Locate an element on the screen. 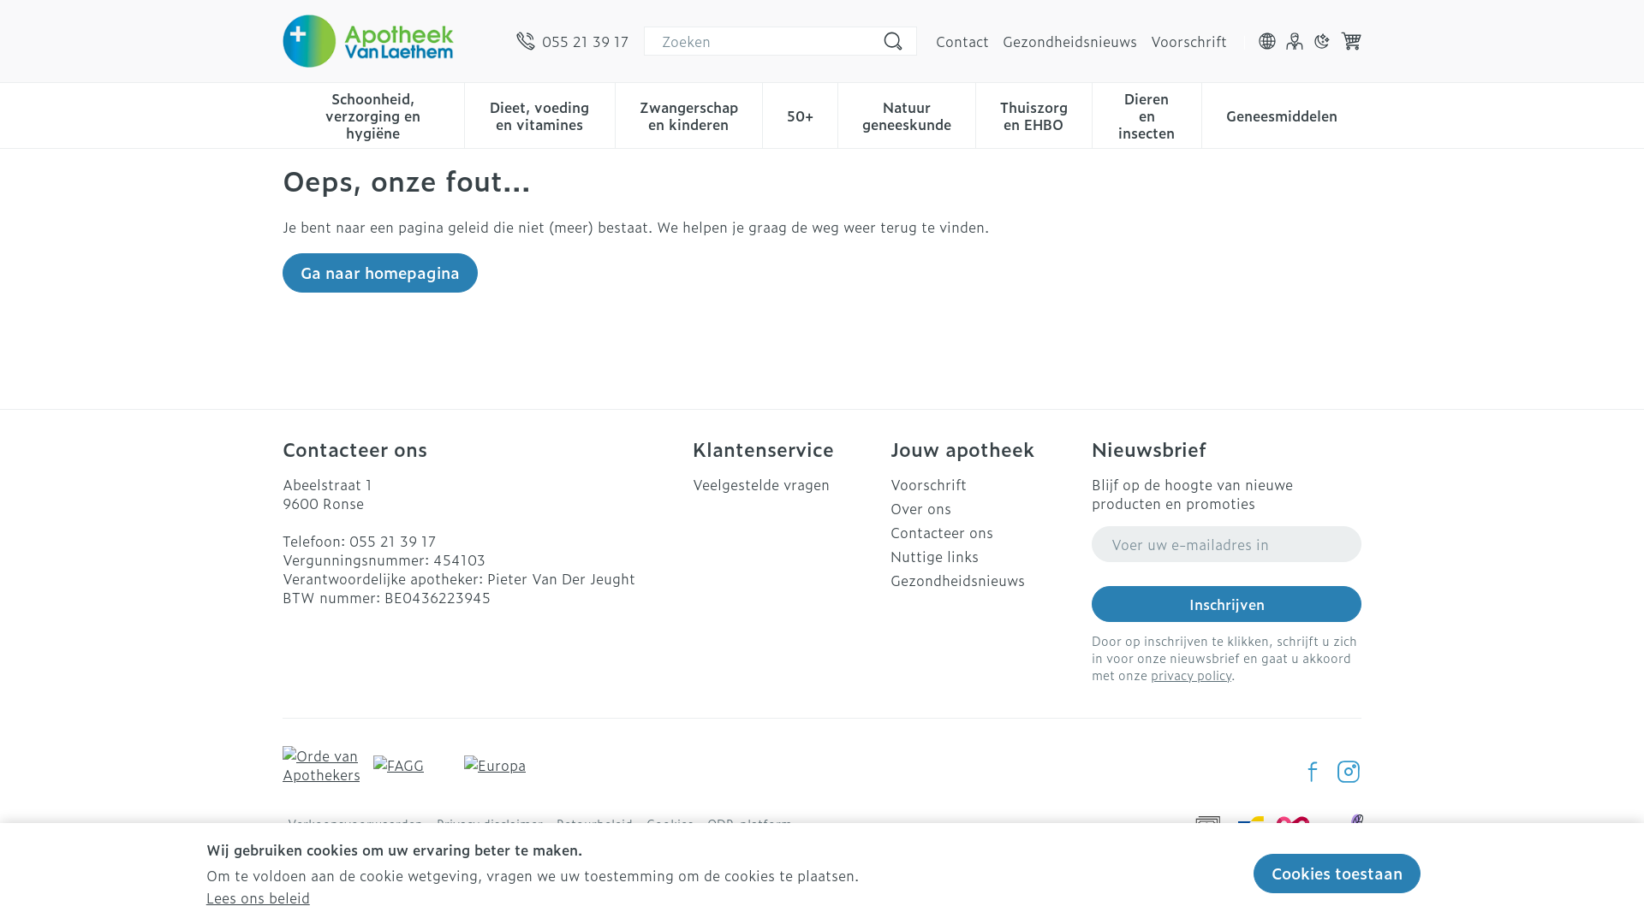  'Apotheek Van Laethem' is located at coordinates (391, 39).